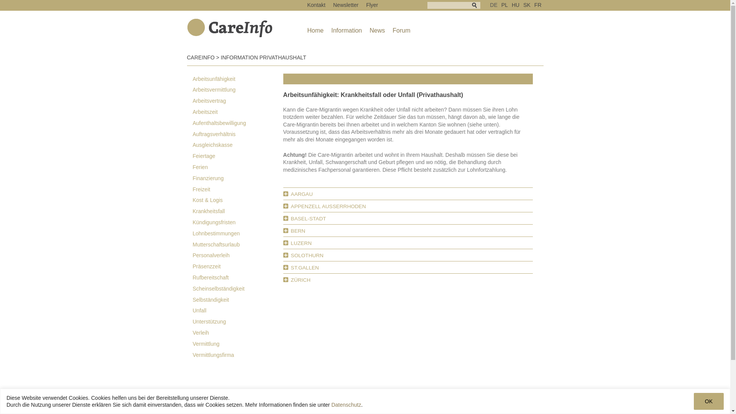 The height and width of the screenshot is (414, 736). Describe the element at coordinates (372, 5) in the screenshot. I see `'Flyer'` at that location.